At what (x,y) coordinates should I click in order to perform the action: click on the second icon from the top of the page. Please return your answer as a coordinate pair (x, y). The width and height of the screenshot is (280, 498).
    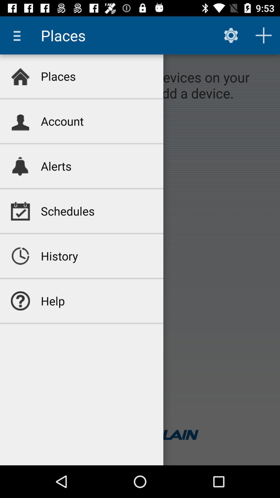
    Looking at the image, I should click on (20, 121).